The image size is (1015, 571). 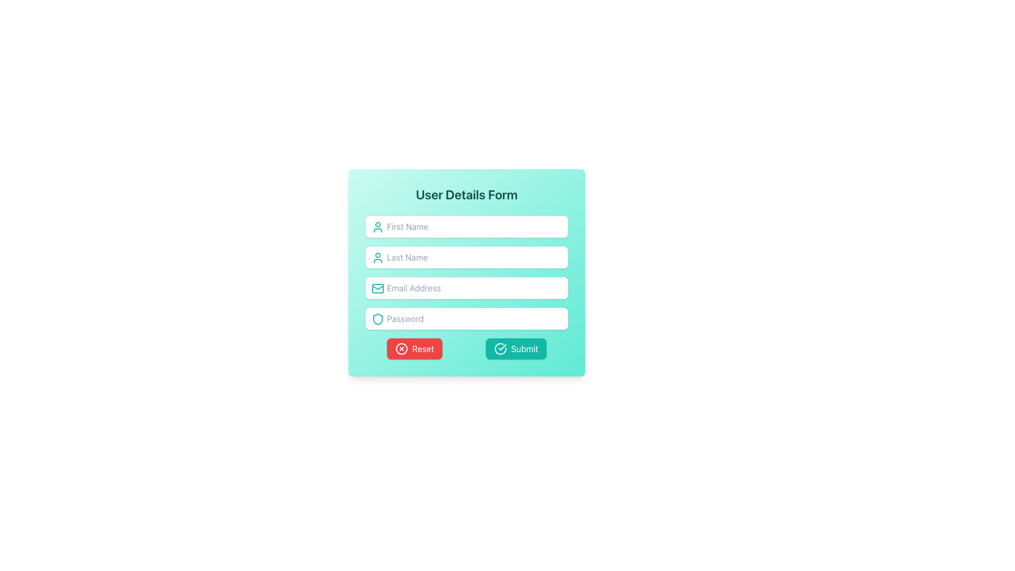 What do you see at coordinates (401, 348) in the screenshot?
I see `the circular graphical decoration that symbolizes the Reset operation, located at the bottom-left corner of the form` at bounding box center [401, 348].